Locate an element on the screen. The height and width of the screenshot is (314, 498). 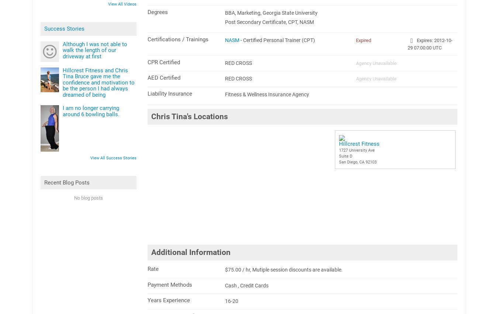
'Expires:' is located at coordinates (415, 40).